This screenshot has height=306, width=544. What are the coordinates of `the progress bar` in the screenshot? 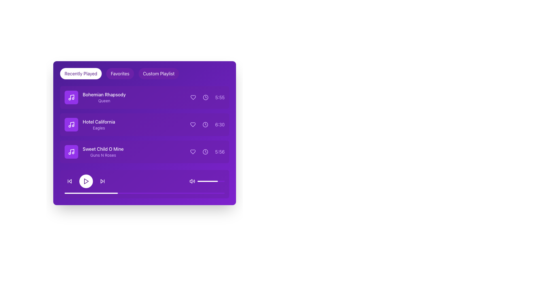 It's located at (167, 193).